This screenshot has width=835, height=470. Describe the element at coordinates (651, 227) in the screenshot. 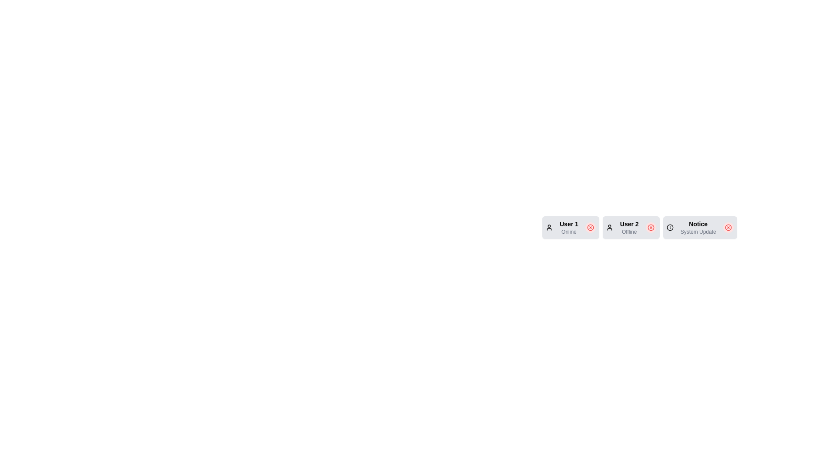

I see `delete button for the chip labeled User 2` at that location.